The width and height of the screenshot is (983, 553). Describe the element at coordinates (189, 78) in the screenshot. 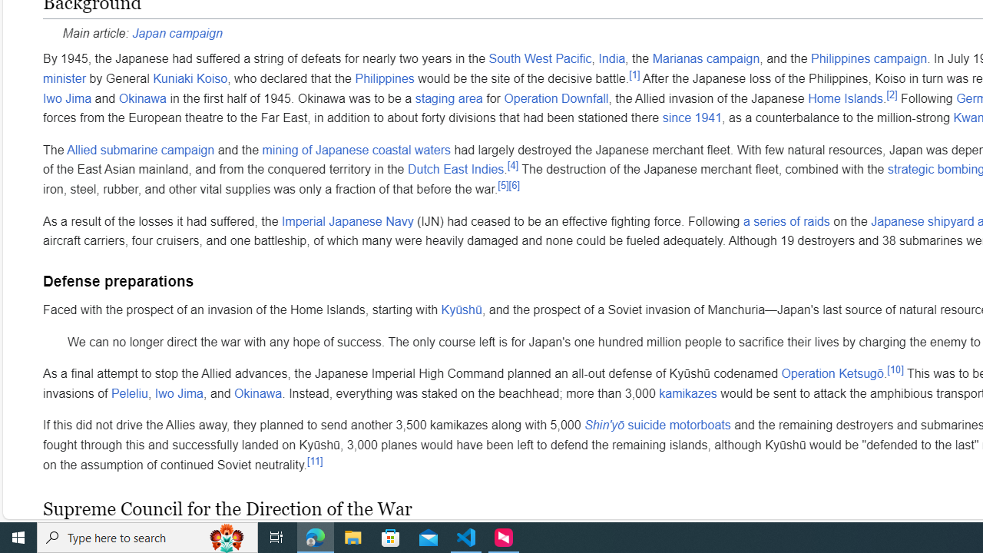

I see `'Kuniaki Koiso'` at that location.